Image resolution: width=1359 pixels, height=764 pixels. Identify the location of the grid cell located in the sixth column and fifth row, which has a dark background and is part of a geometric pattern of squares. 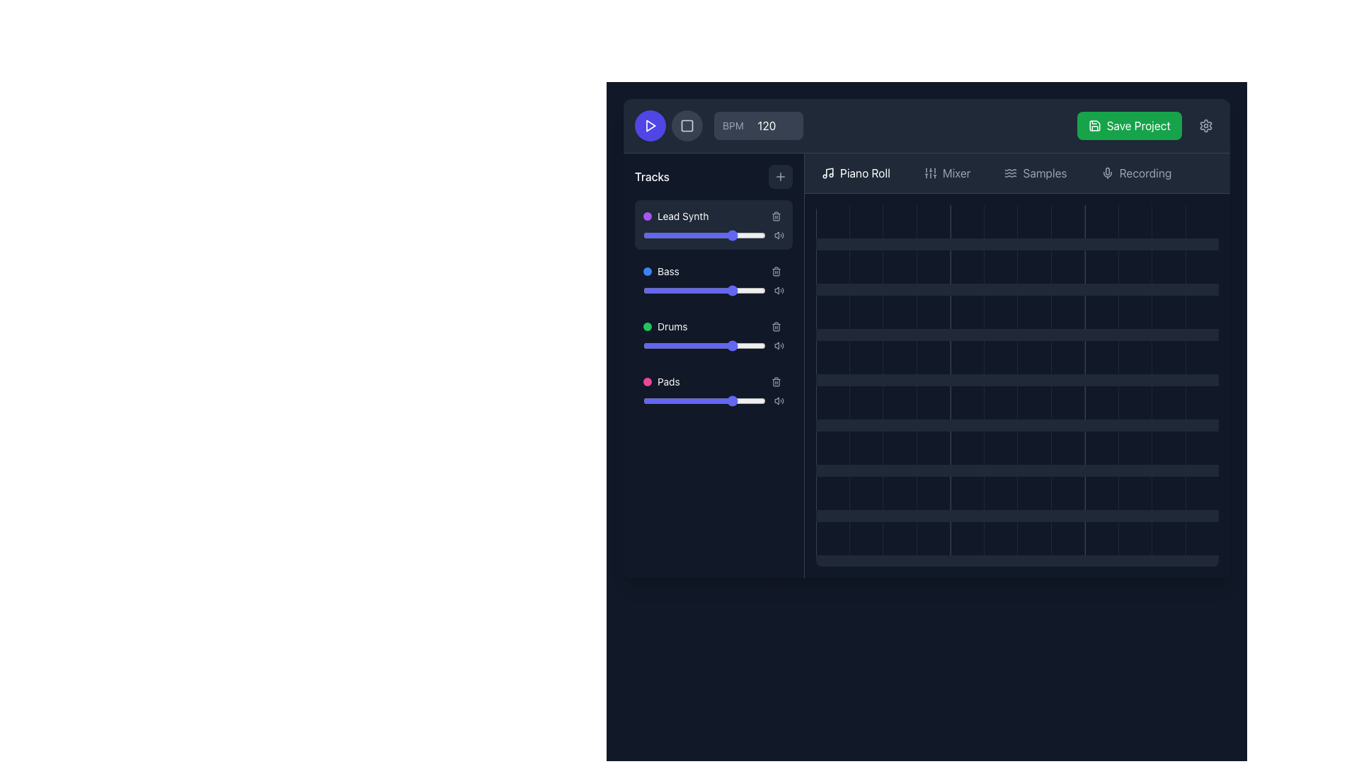
(999, 448).